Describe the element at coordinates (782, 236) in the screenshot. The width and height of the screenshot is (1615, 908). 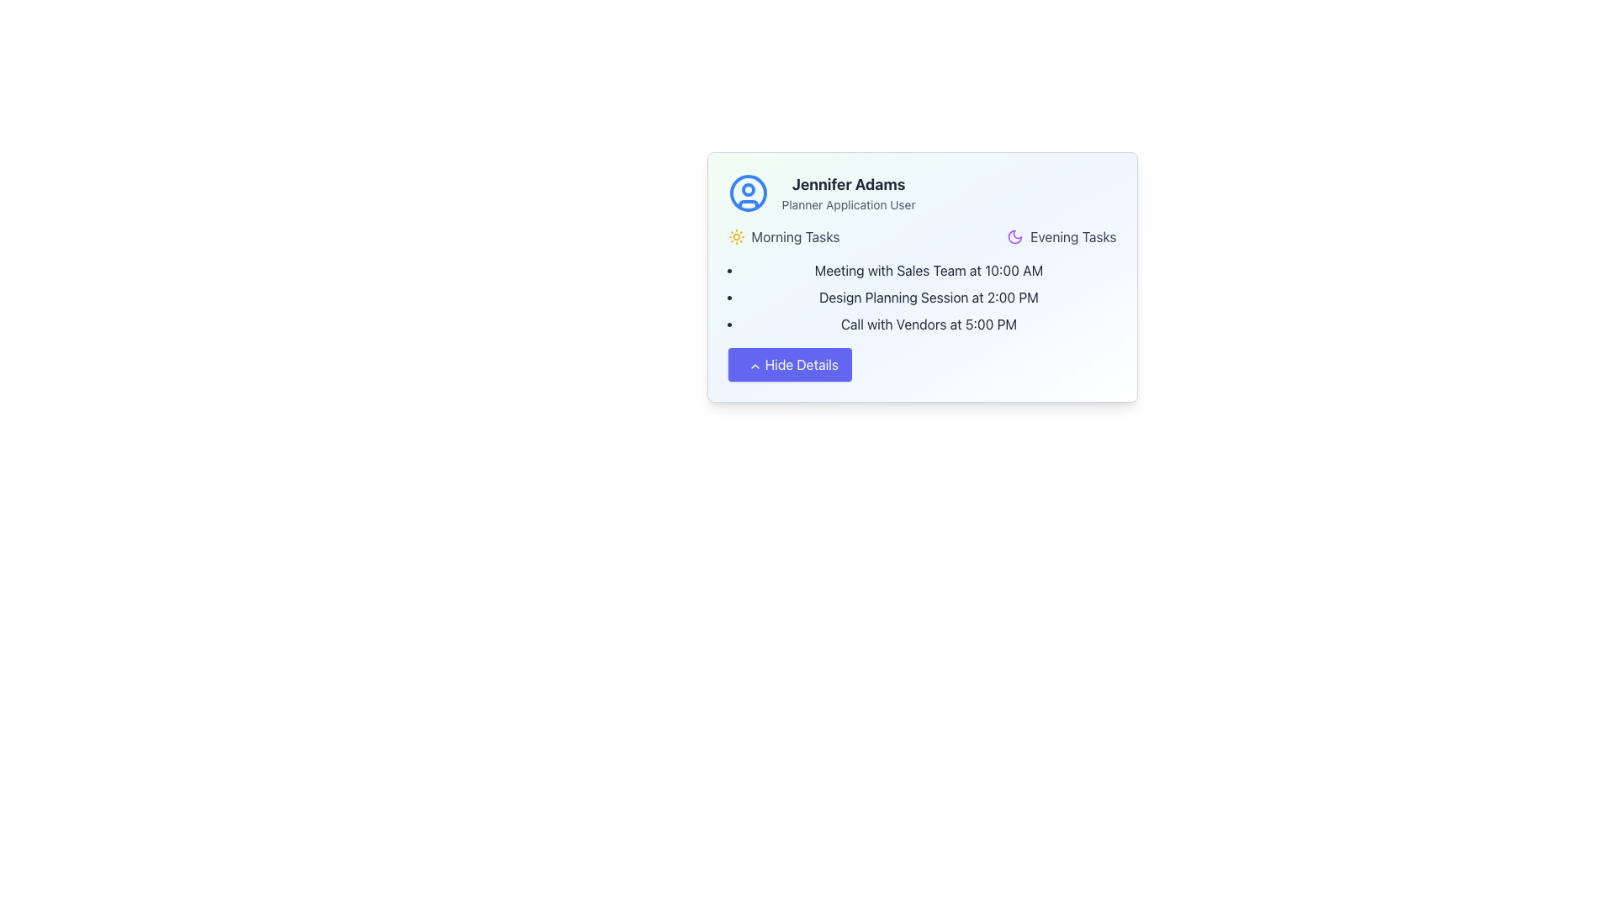
I see `the 'Morning Tasks' label with the sun icon for navigation in the top-left of the card interface` at that location.